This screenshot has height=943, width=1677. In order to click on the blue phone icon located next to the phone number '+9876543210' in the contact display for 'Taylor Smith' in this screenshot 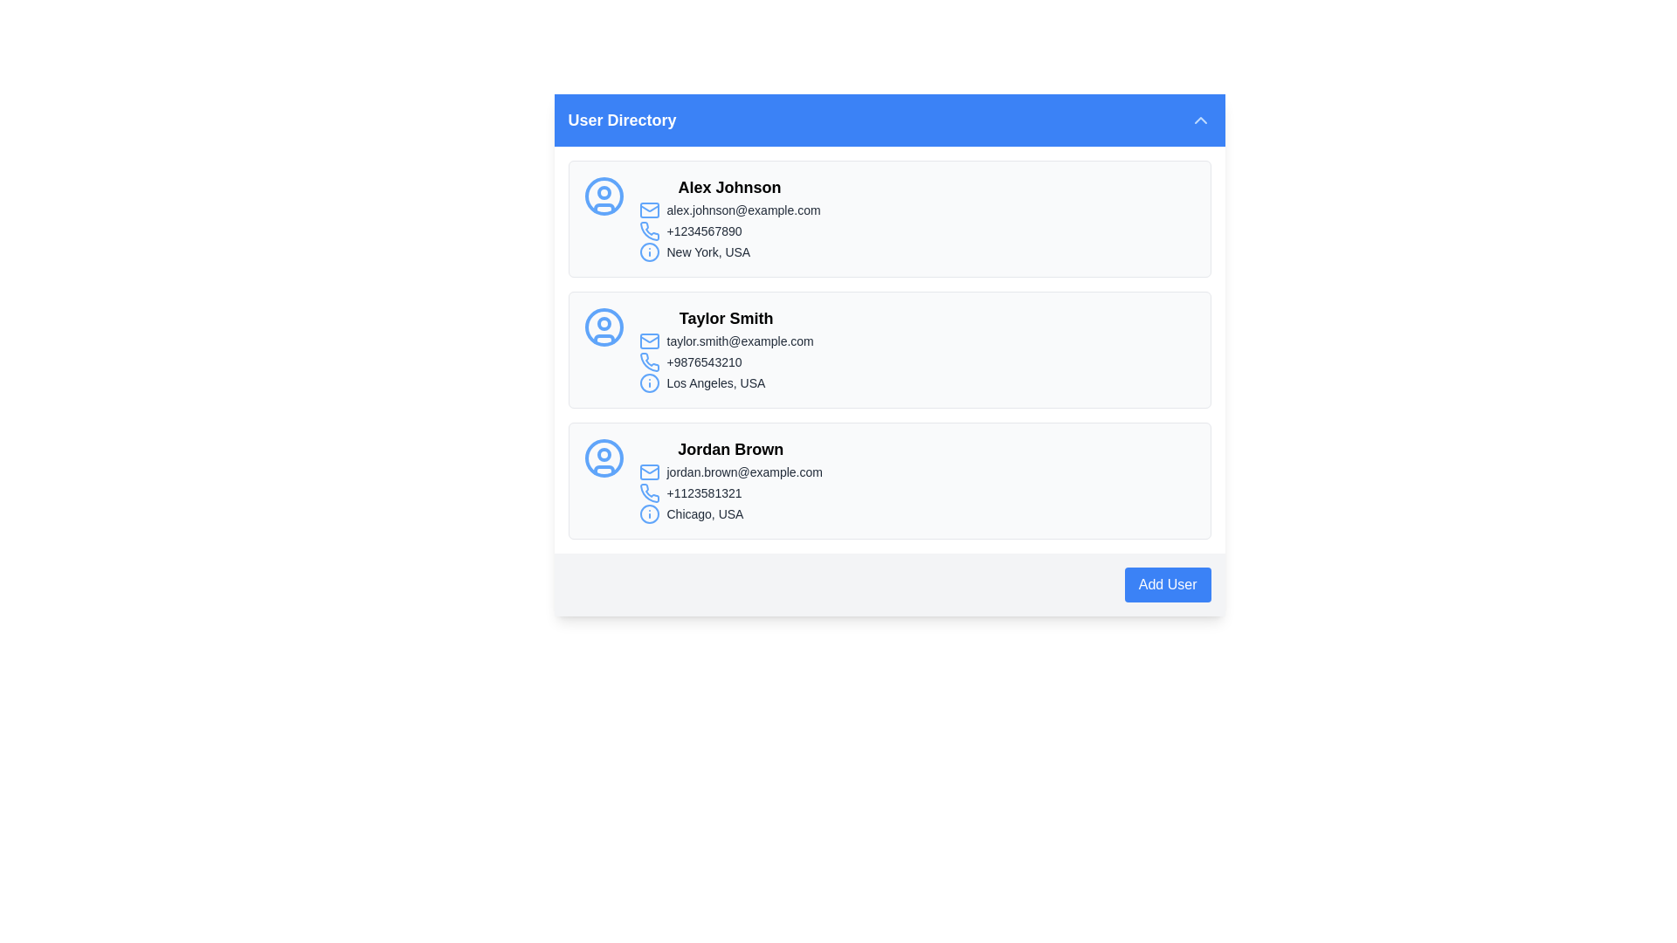, I will do `click(648, 361)`.